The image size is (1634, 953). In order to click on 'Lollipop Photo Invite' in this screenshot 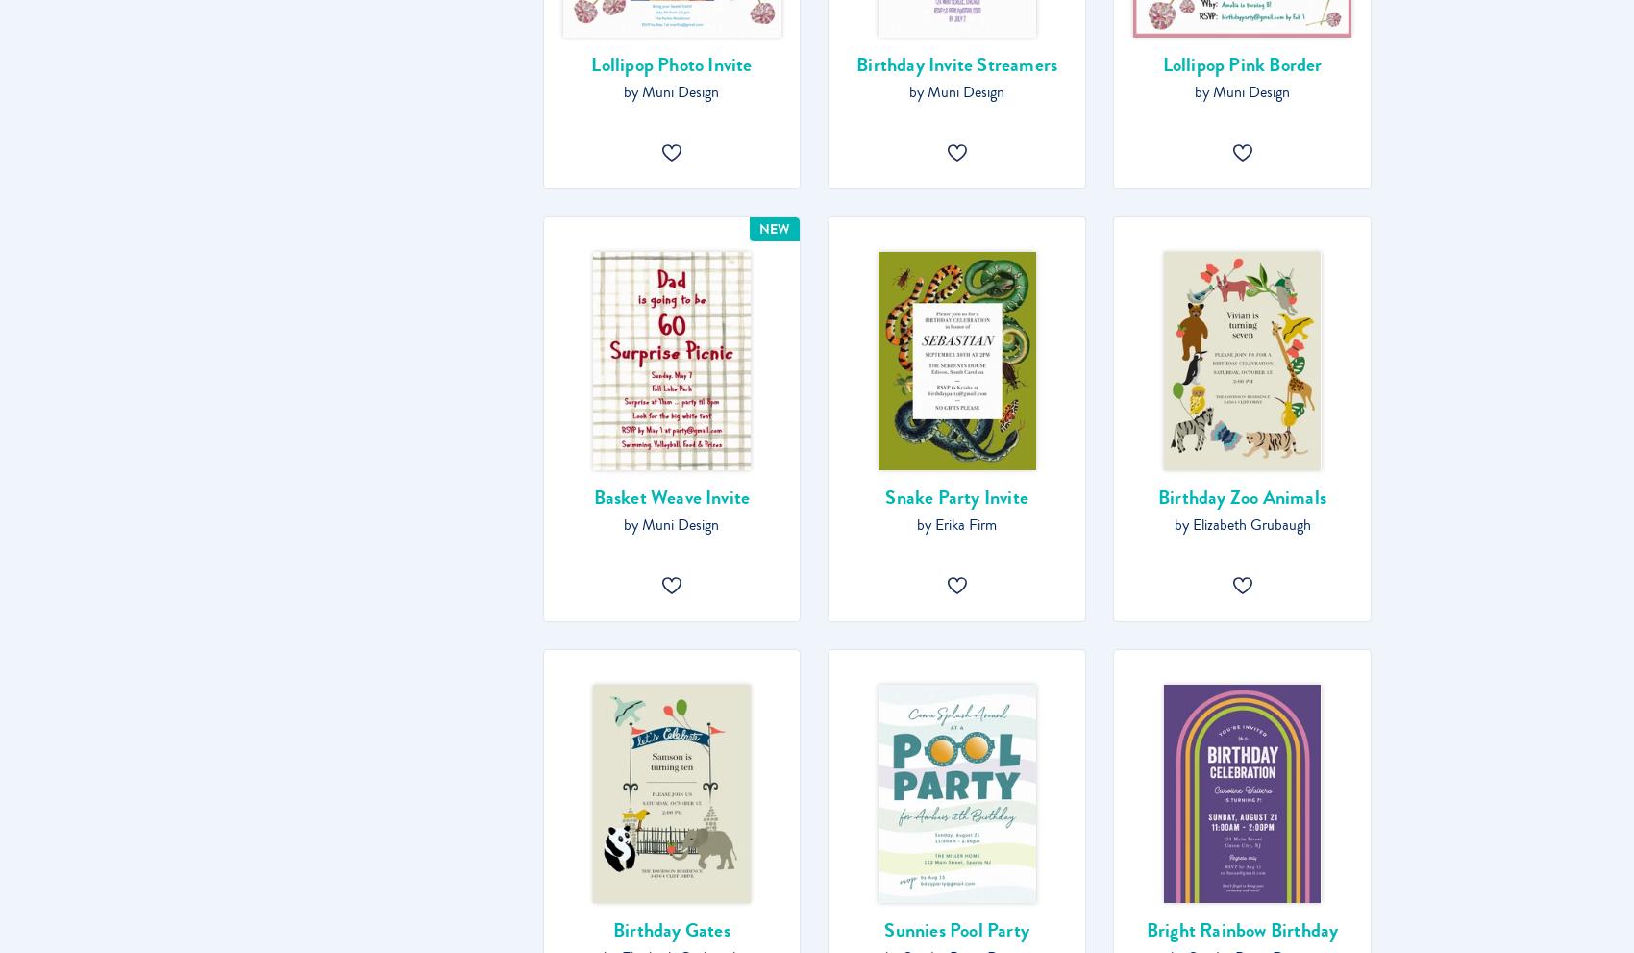, I will do `click(590, 64)`.